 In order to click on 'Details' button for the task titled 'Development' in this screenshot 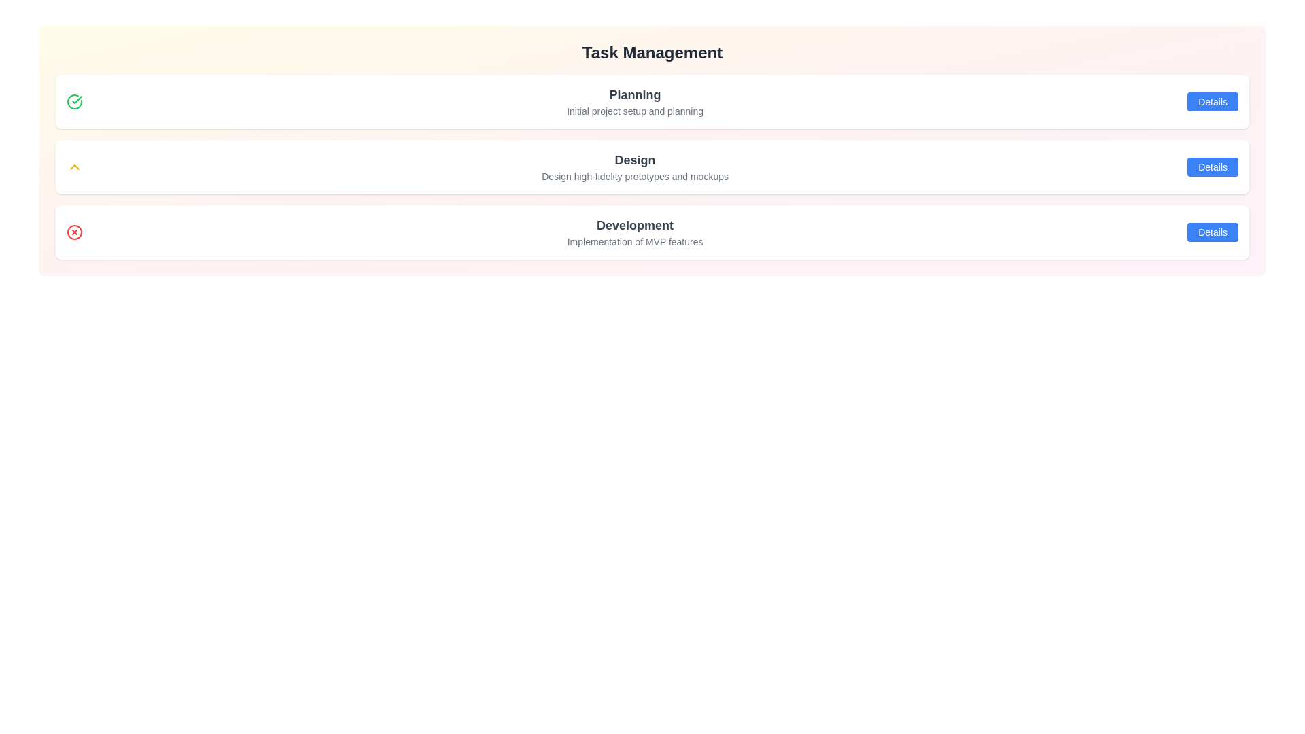, I will do `click(1213, 232)`.